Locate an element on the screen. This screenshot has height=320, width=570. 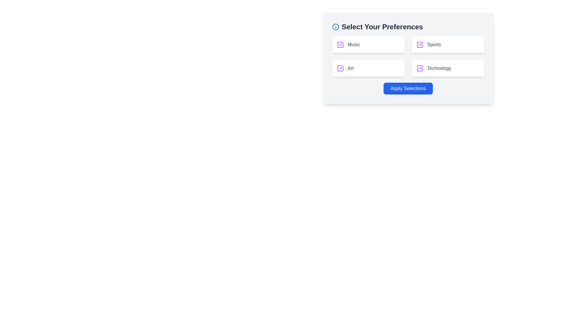
the 'Sports' label which is styled in medium gray and positioned next to the purple checkbox with a checkmark icon, located within the 'Select Your Preferences' card is located at coordinates (448, 44).